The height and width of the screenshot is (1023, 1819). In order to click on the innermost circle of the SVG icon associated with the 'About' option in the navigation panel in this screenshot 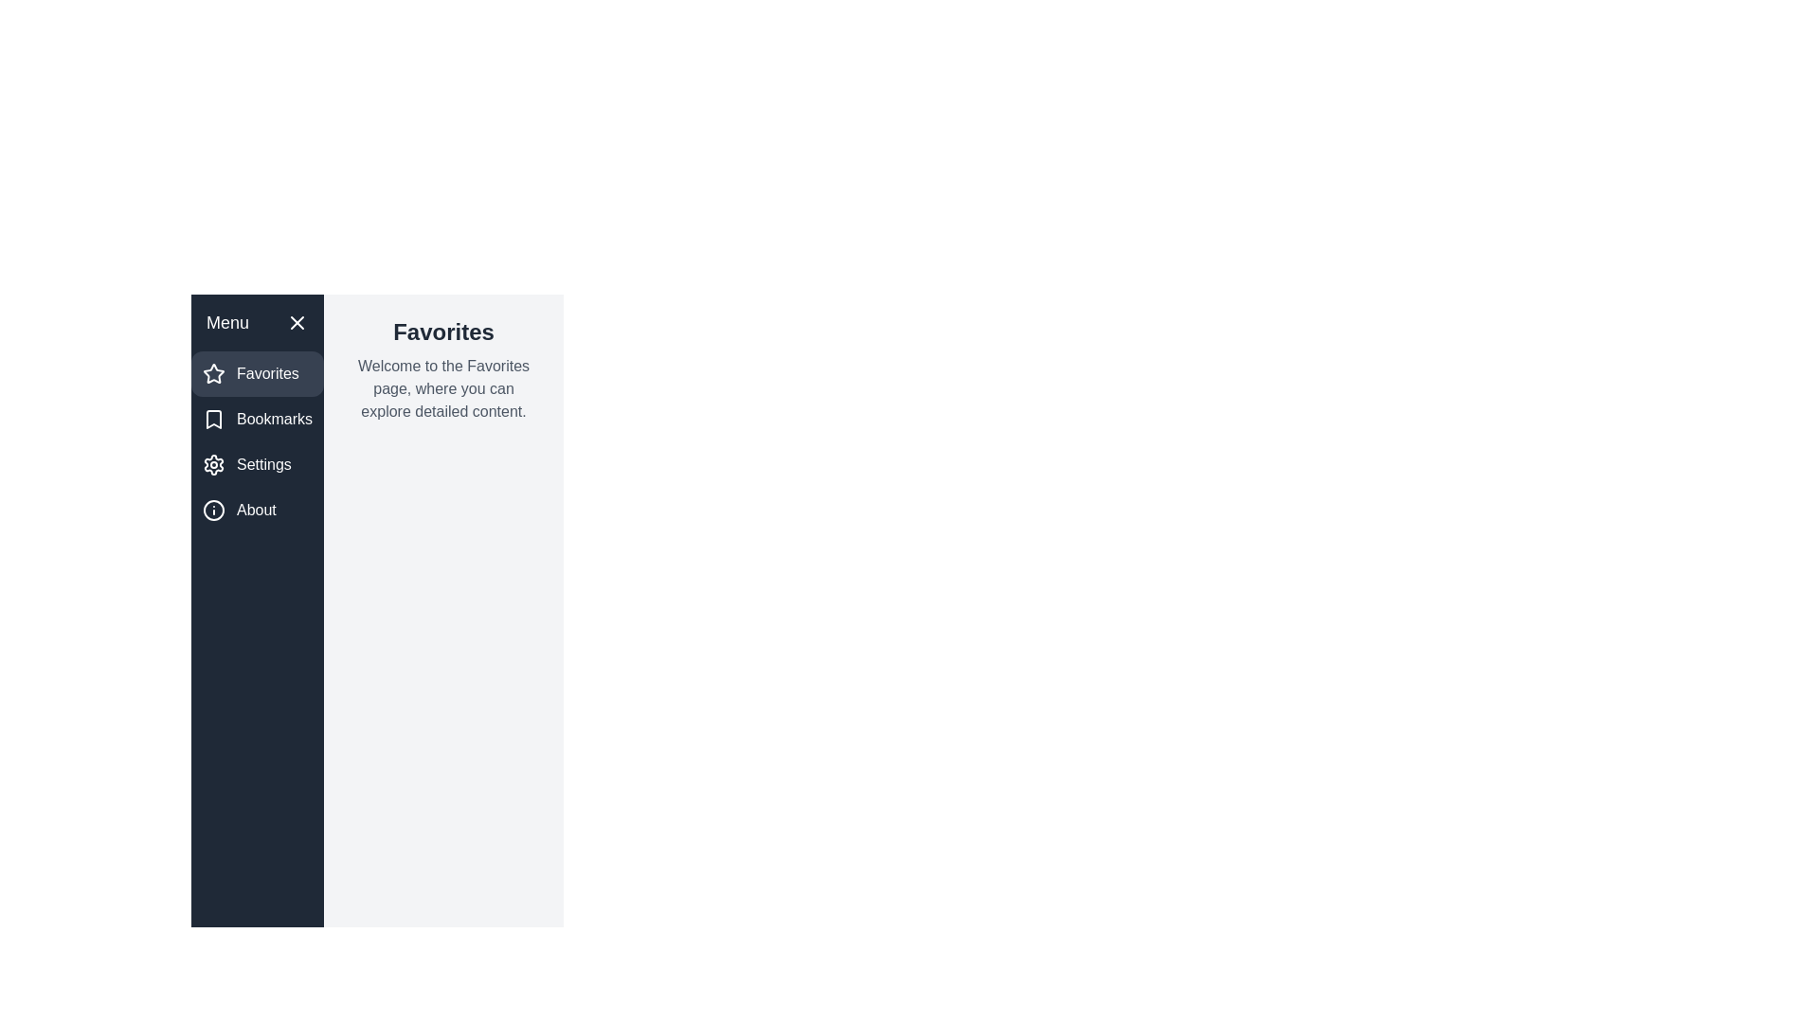, I will do `click(213, 510)`.